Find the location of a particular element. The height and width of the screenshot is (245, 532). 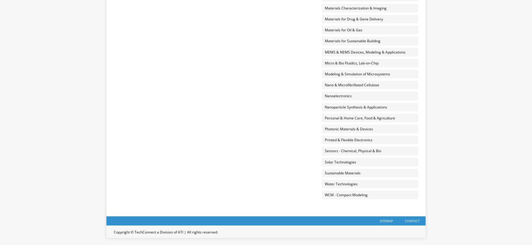

'Modeling & Simulation of Microsystems' is located at coordinates (357, 74).